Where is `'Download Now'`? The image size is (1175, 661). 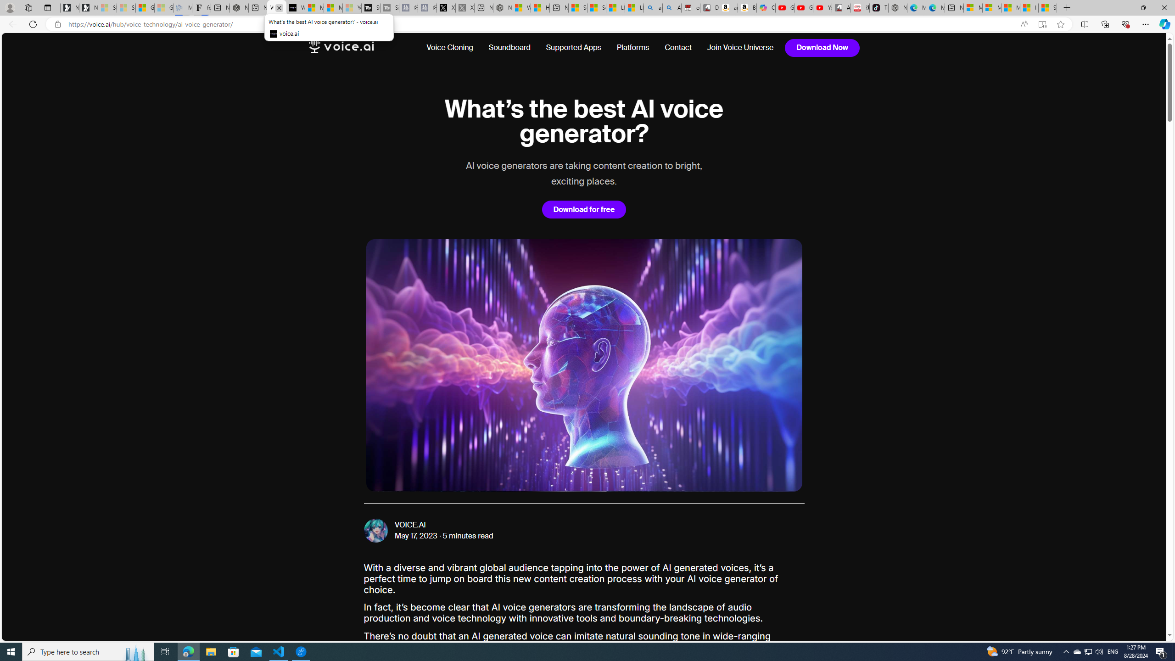
'Download Now' is located at coordinates (822, 47).